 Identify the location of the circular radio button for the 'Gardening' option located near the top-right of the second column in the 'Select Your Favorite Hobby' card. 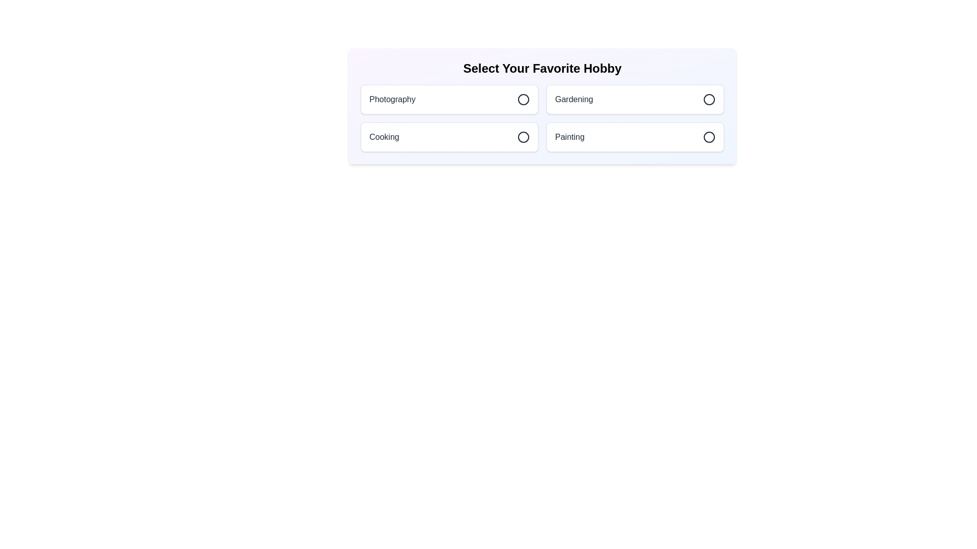
(708, 100).